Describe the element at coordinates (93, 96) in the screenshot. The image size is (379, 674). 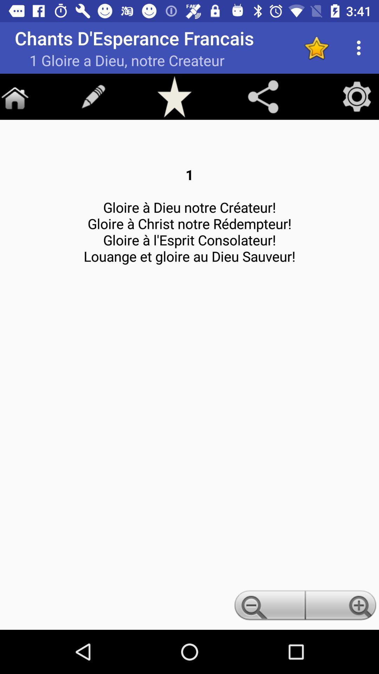
I see `the edit icon` at that location.